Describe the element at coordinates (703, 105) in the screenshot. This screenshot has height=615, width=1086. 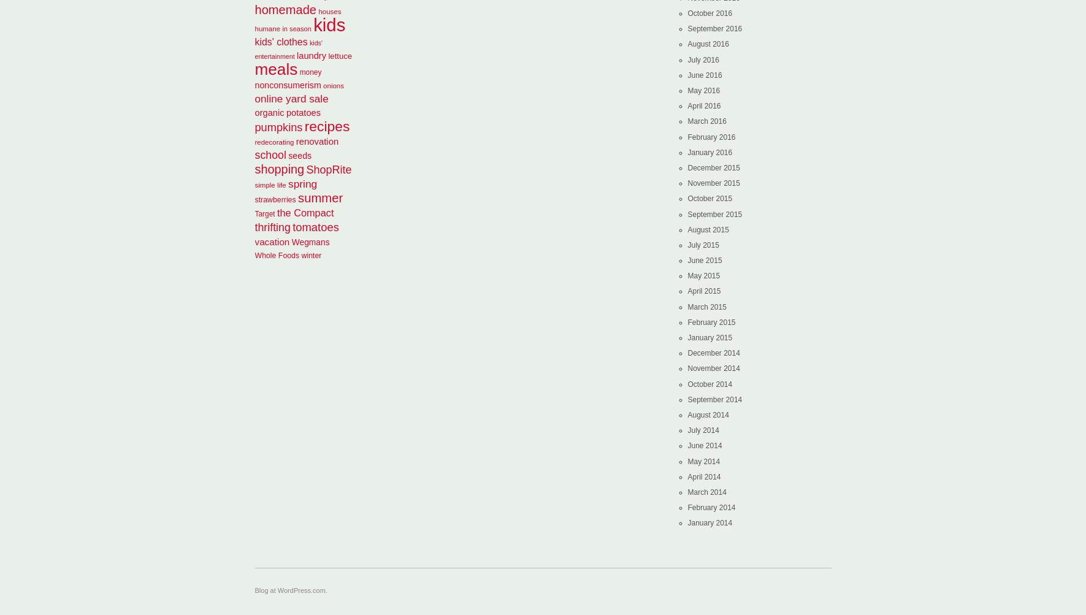
I see `'April 2016'` at that location.